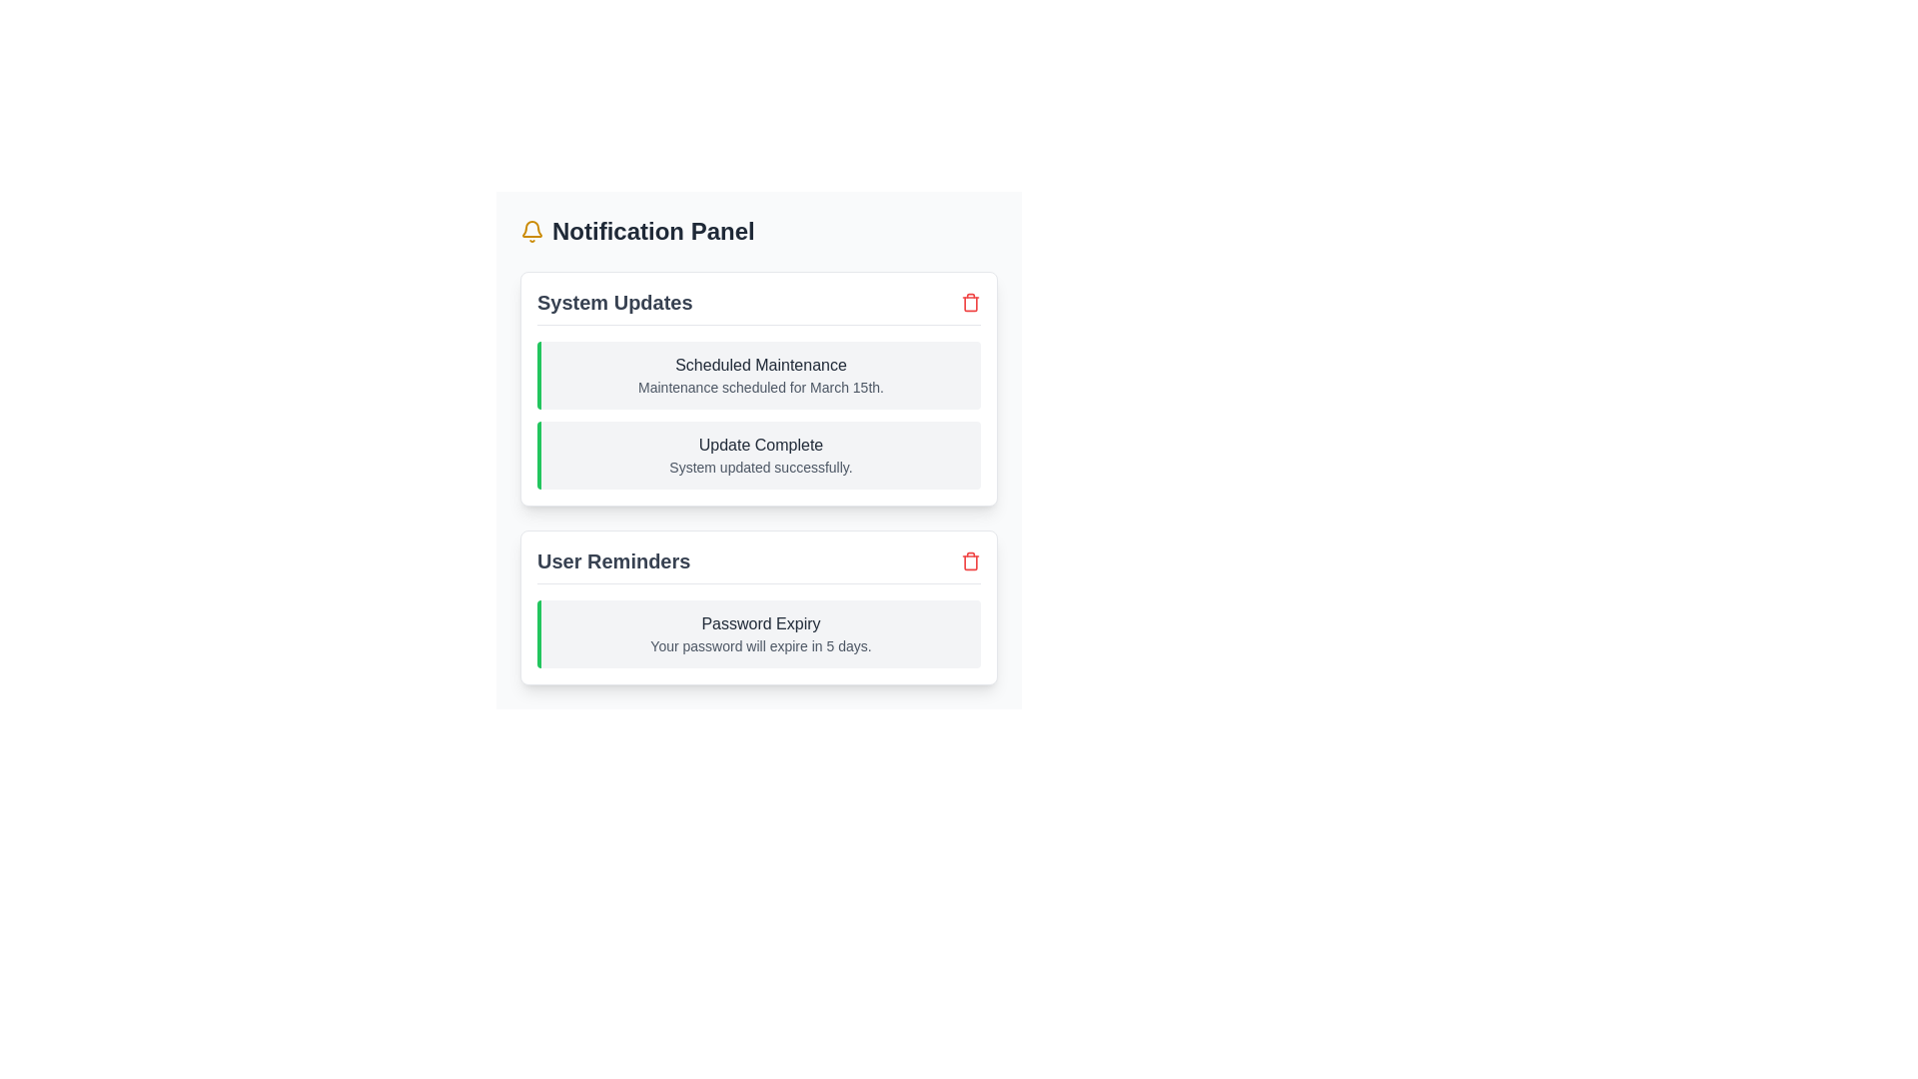  What do you see at coordinates (757, 366) in the screenshot?
I see `the notification text of Scheduled Maintenance` at bounding box center [757, 366].